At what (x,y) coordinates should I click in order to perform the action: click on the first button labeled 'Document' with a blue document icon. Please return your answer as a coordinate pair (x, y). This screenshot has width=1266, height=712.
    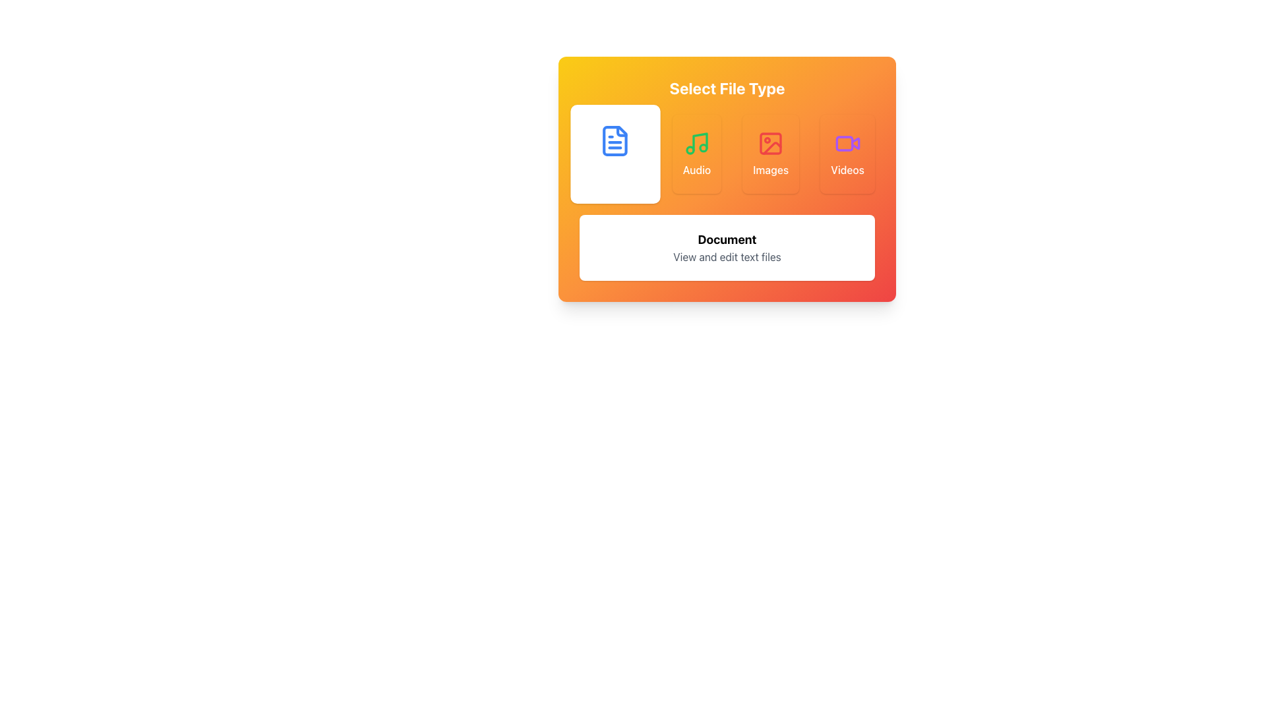
    Looking at the image, I should click on (615, 154).